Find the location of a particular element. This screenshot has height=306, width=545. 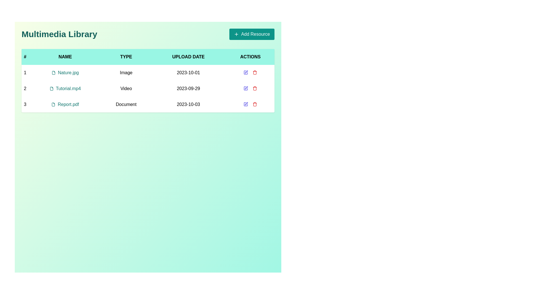

the icon representing the document entry 'Report.pdf' is located at coordinates (53, 105).